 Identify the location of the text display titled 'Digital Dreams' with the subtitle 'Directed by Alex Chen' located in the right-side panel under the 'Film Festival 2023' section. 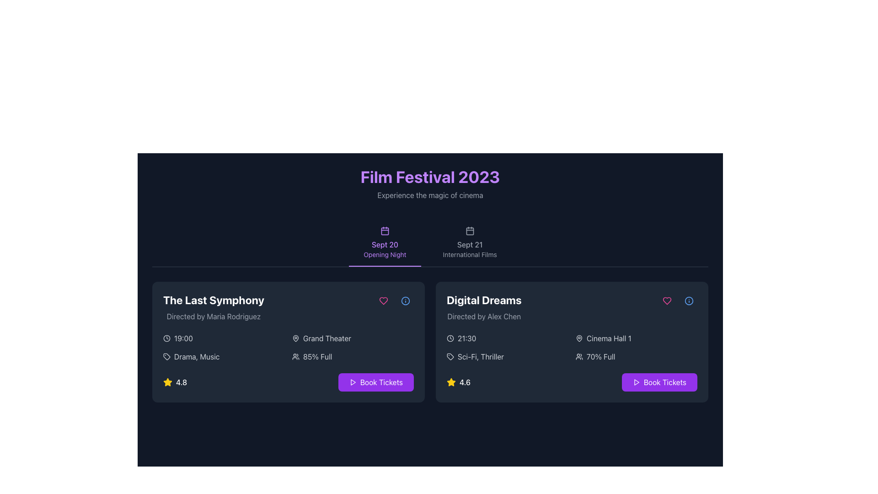
(483, 307).